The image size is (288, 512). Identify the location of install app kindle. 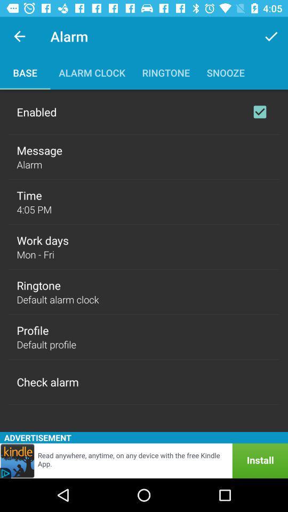
(144, 460).